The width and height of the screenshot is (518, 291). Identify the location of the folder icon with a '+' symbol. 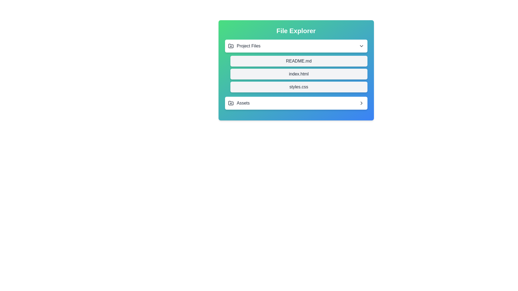
(231, 103).